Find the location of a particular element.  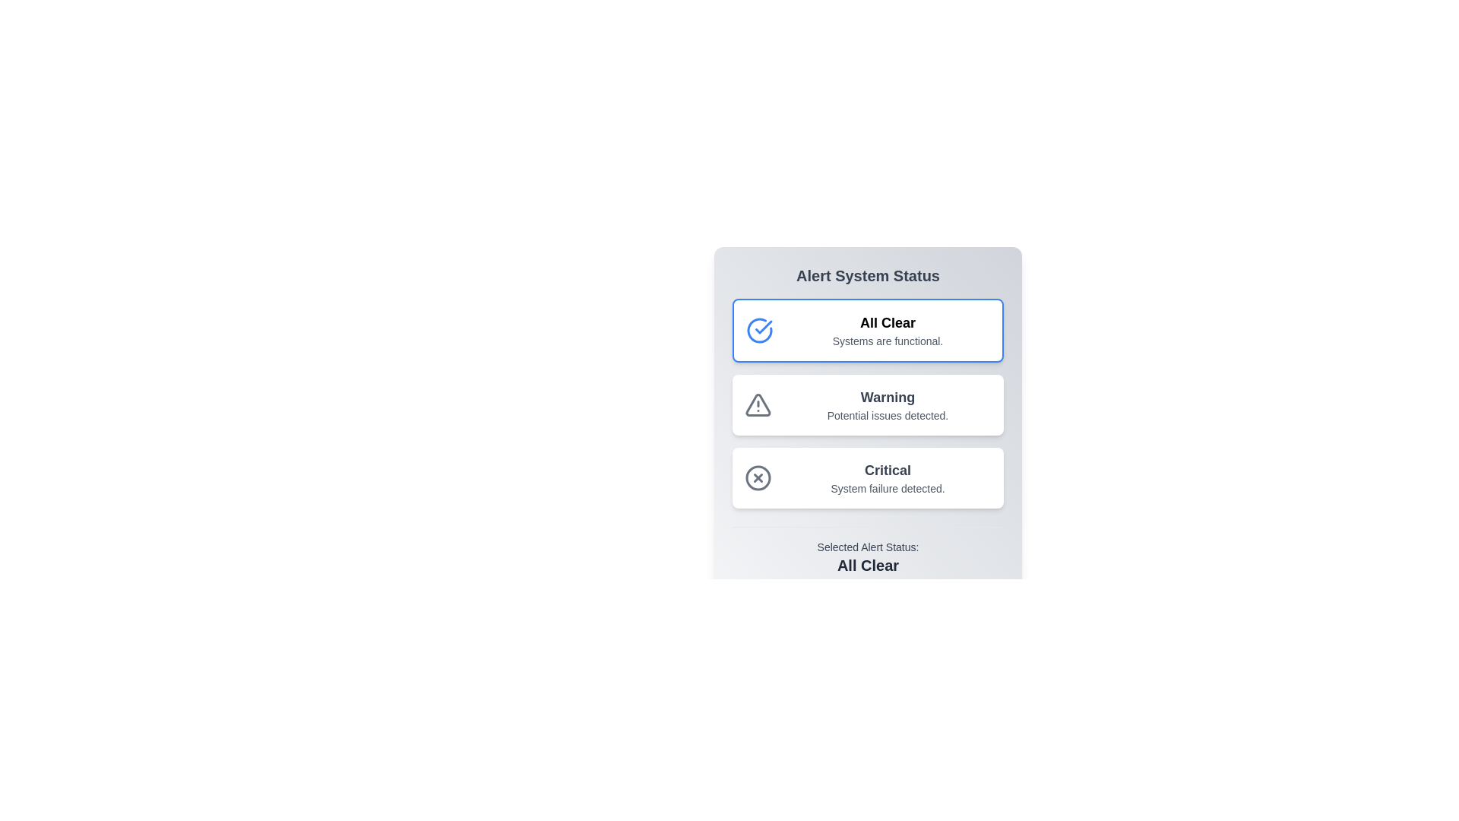

the Text Block that displays the current system status, labeled 'All Clear', which is positioned within the top-level status card and aligned with the card's blue borders is located at coordinates (888, 330).